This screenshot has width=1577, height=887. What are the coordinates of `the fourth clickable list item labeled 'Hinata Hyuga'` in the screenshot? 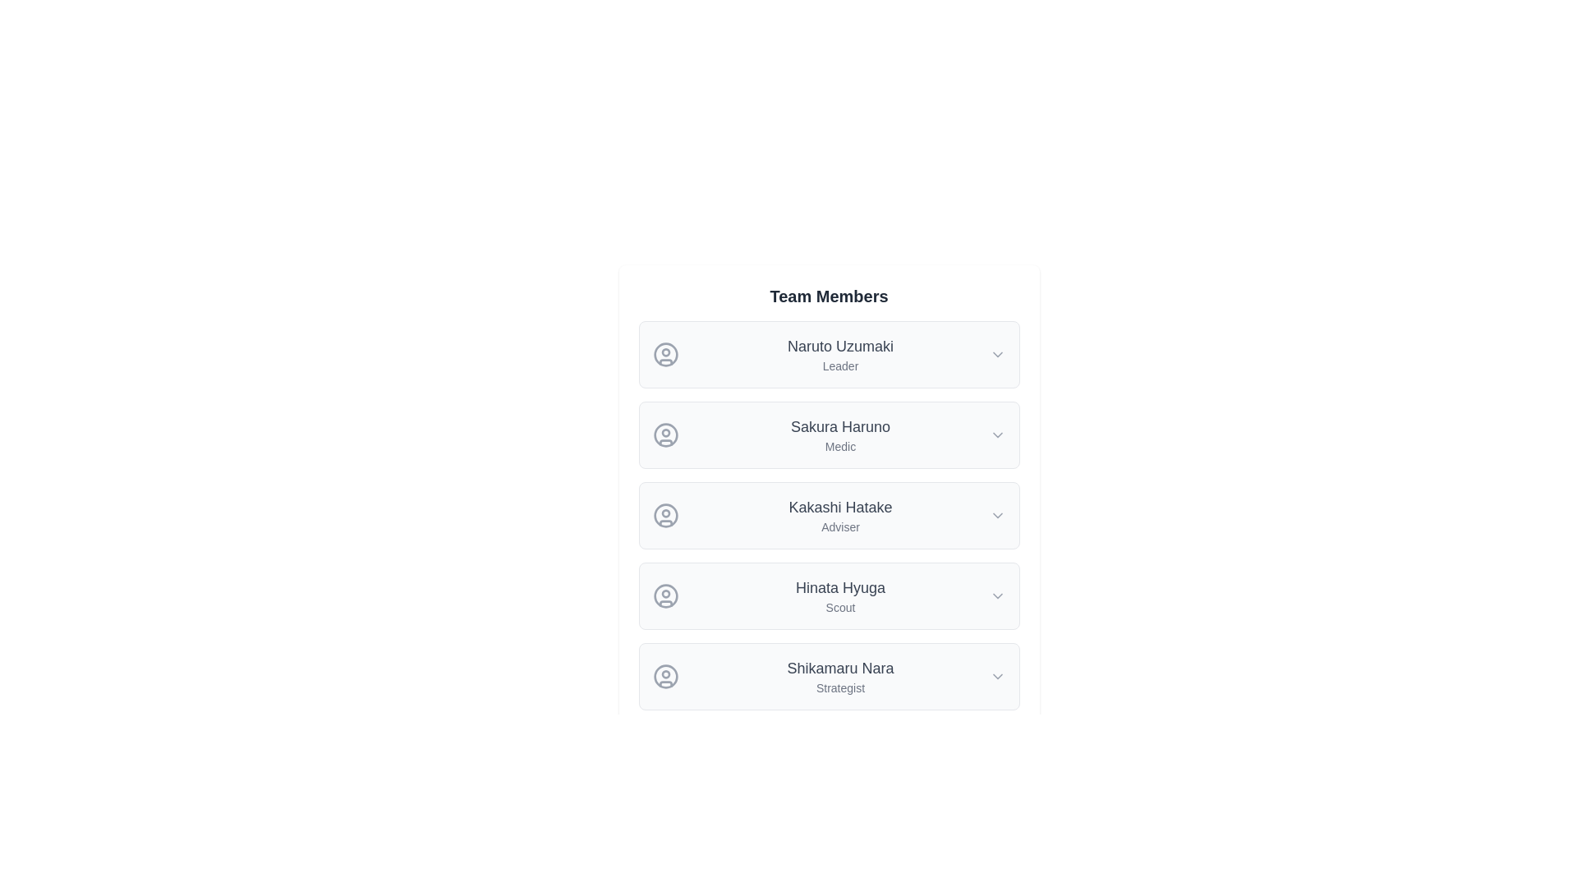 It's located at (829, 595).